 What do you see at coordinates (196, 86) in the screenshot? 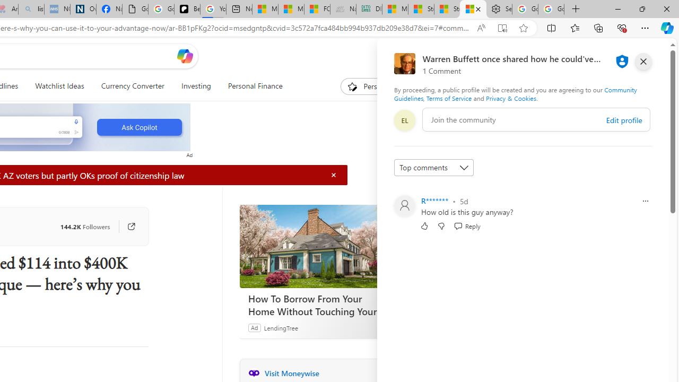
I see `'Investing'` at bounding box center [196, 86].